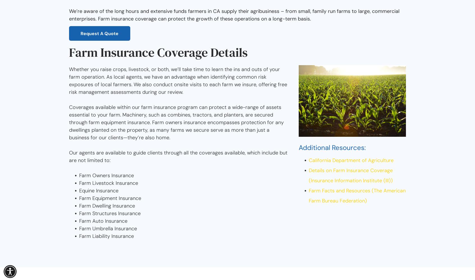 Image resolution: width=475 pixels, height=280 pixels. Describe the element at coordinates (357, 195) in the screenshot. I see `'Farm Facts and Resources (The American Farm Bureau Federation)'` at that location.